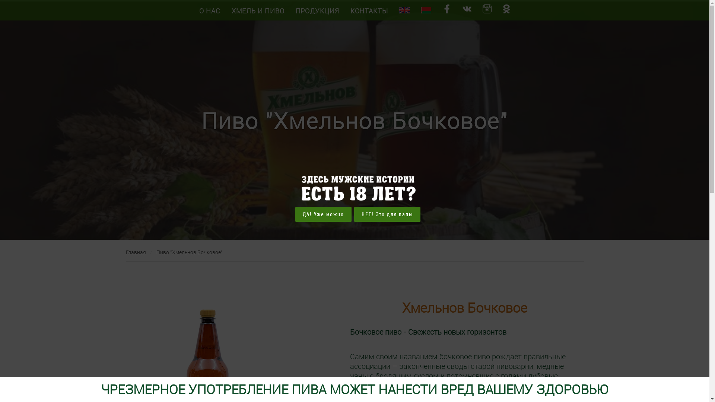 This screenshot has width=715, height=402. What do you see at coordinates (447, 10) in the screenshot?
I see `'facebook '` at bounding box center [447, 10].